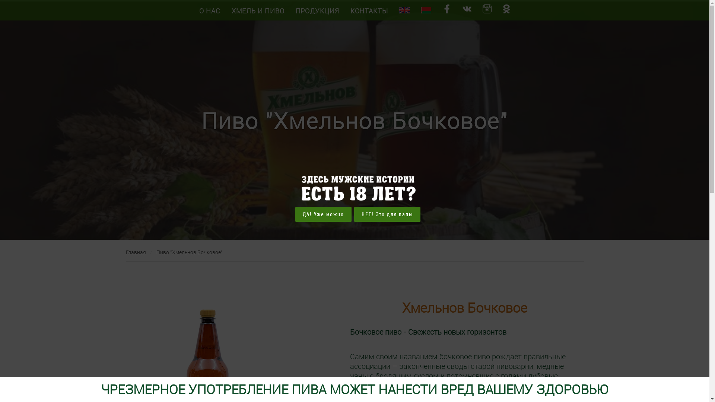 This screenshot has width=715, height=402. What do you see at coordinates (447, 10) in the screenshot?
I see `'facebook '` at bounding box center [447, 10].